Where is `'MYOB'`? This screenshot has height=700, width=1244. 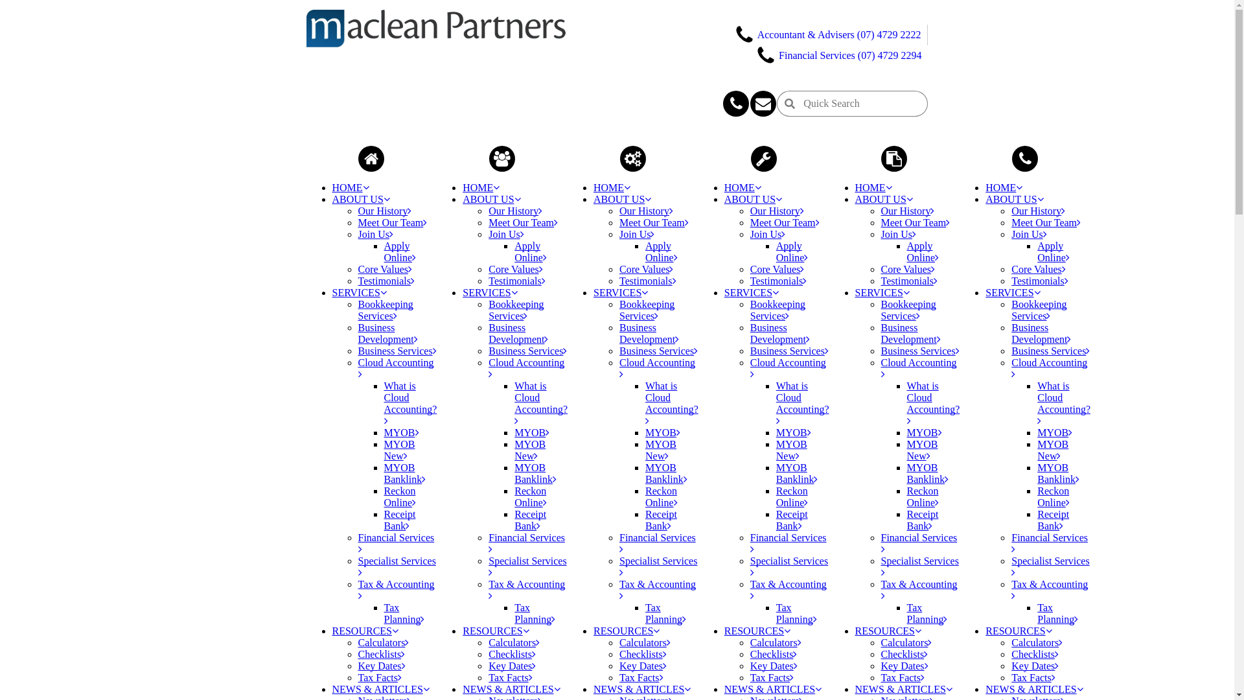
'MYOB' is located at coordinates (792, 432).